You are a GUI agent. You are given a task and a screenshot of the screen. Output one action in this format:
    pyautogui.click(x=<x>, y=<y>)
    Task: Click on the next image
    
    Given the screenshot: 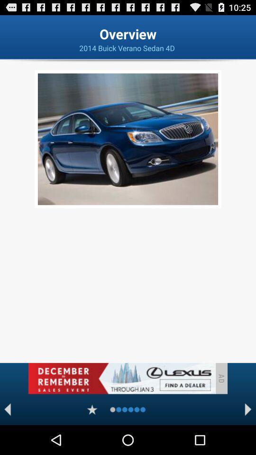 What is the action you would take?
    pyautogui.click(x=248, y=409)
    